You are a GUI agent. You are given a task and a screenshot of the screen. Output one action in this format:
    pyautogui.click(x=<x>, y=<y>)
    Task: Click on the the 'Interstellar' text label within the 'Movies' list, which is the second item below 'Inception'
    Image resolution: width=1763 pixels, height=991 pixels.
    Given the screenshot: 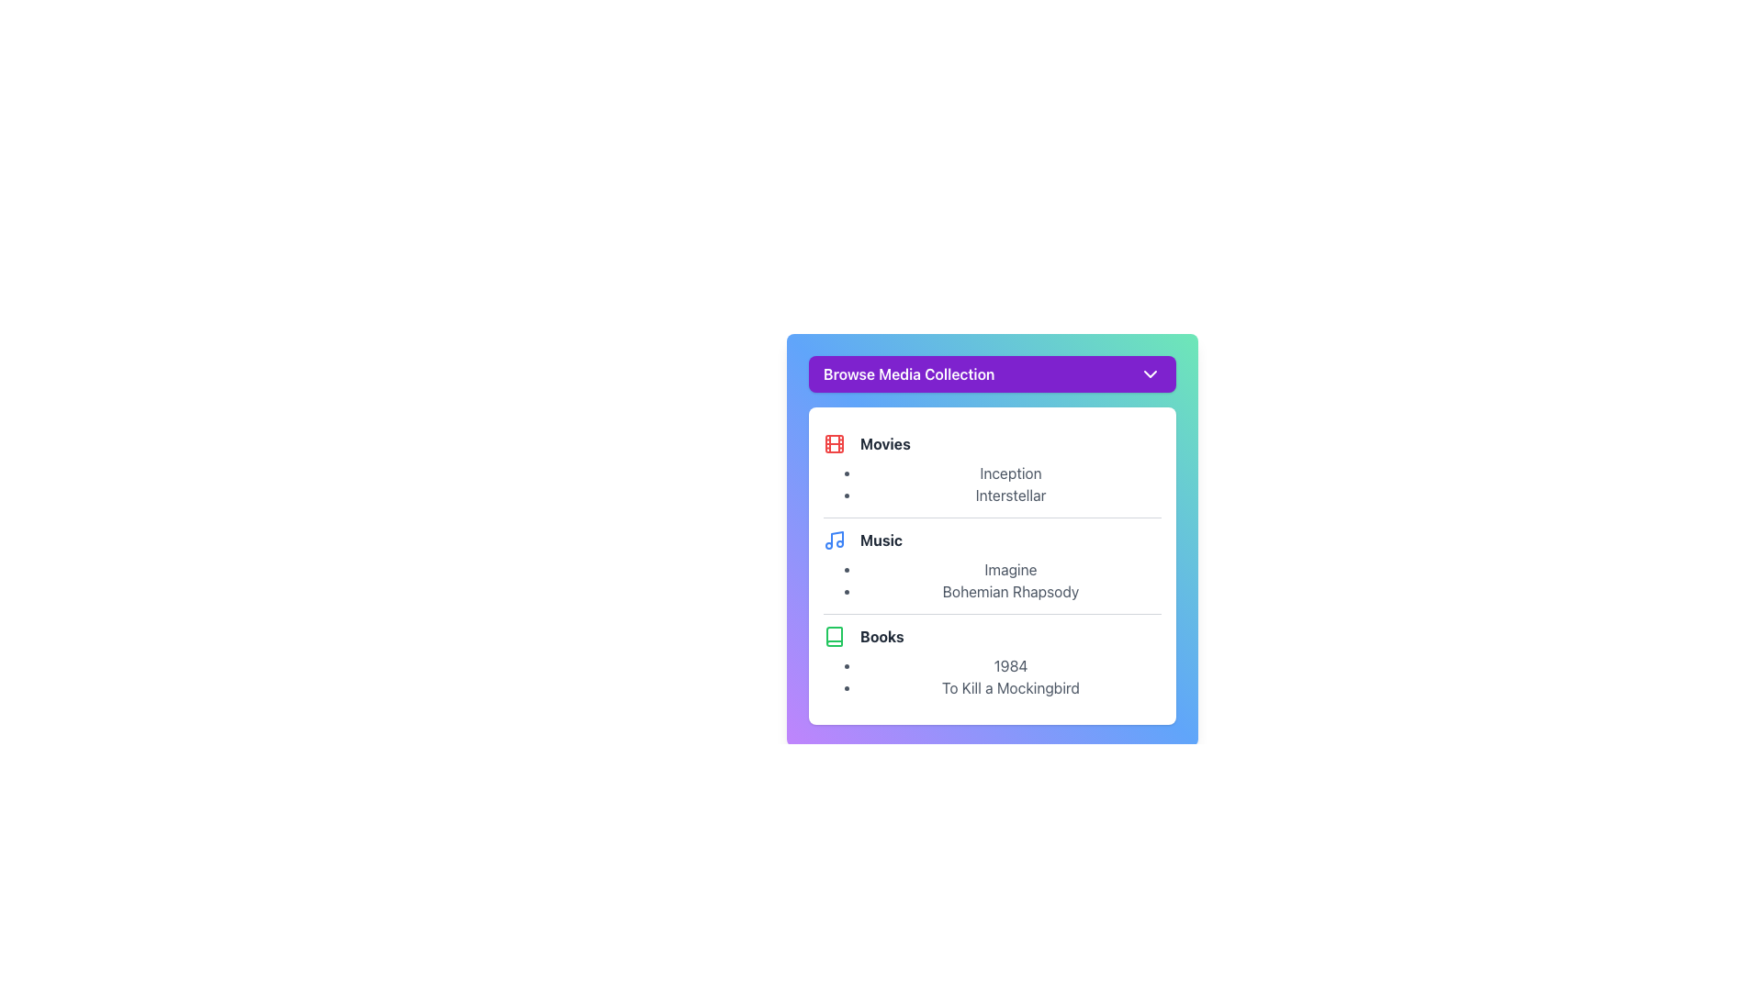 What is the action you would take?
    pyautogui.click(x=1009, y=495)
    